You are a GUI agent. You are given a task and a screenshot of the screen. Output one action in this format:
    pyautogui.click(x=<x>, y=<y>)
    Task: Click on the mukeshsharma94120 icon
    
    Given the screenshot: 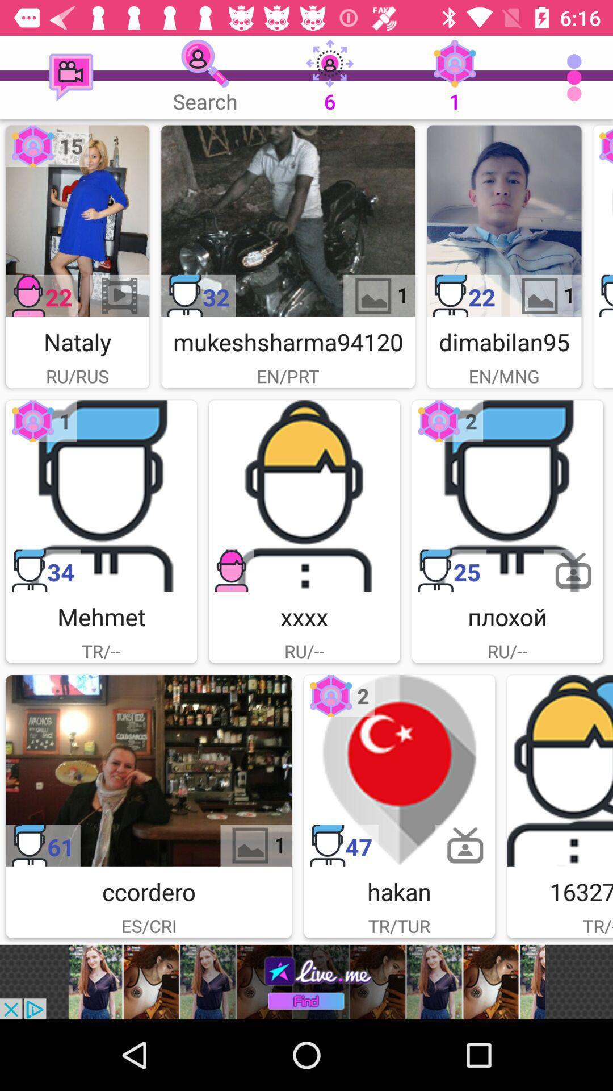 What is the action you would take?
    pyautogui.click(x=287, y=220)
    